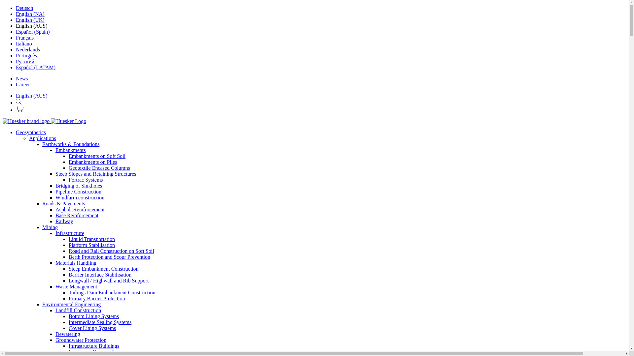 The image size is (634, 356). I want to click on 'Tailings Dam Embankment Construction', so click(112, 292).